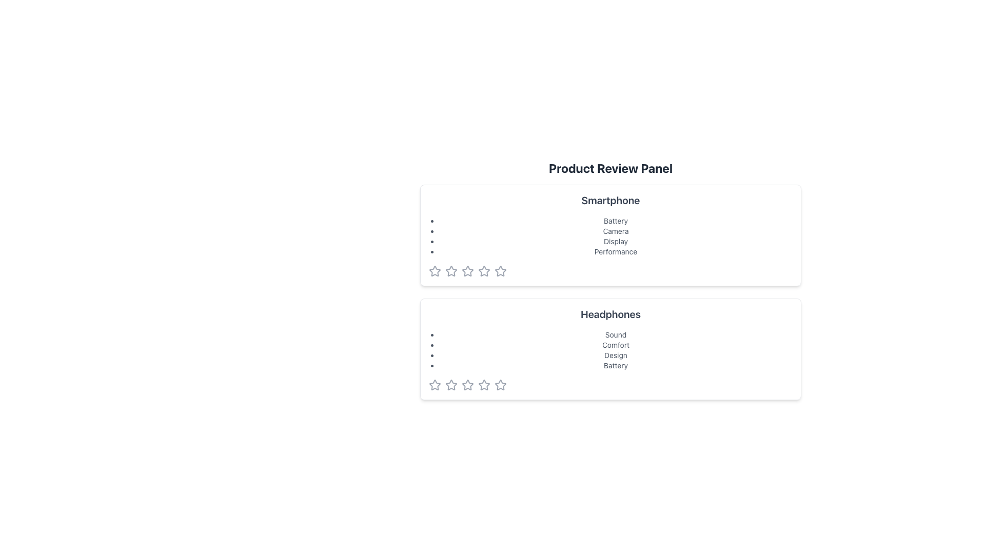  What do you see at coordinates (484, 385) in the screenshot?
I see `the fifth star icon in the review panel for 'Headphones' to rate it with a value of 5` at bounding box center [484, 385].